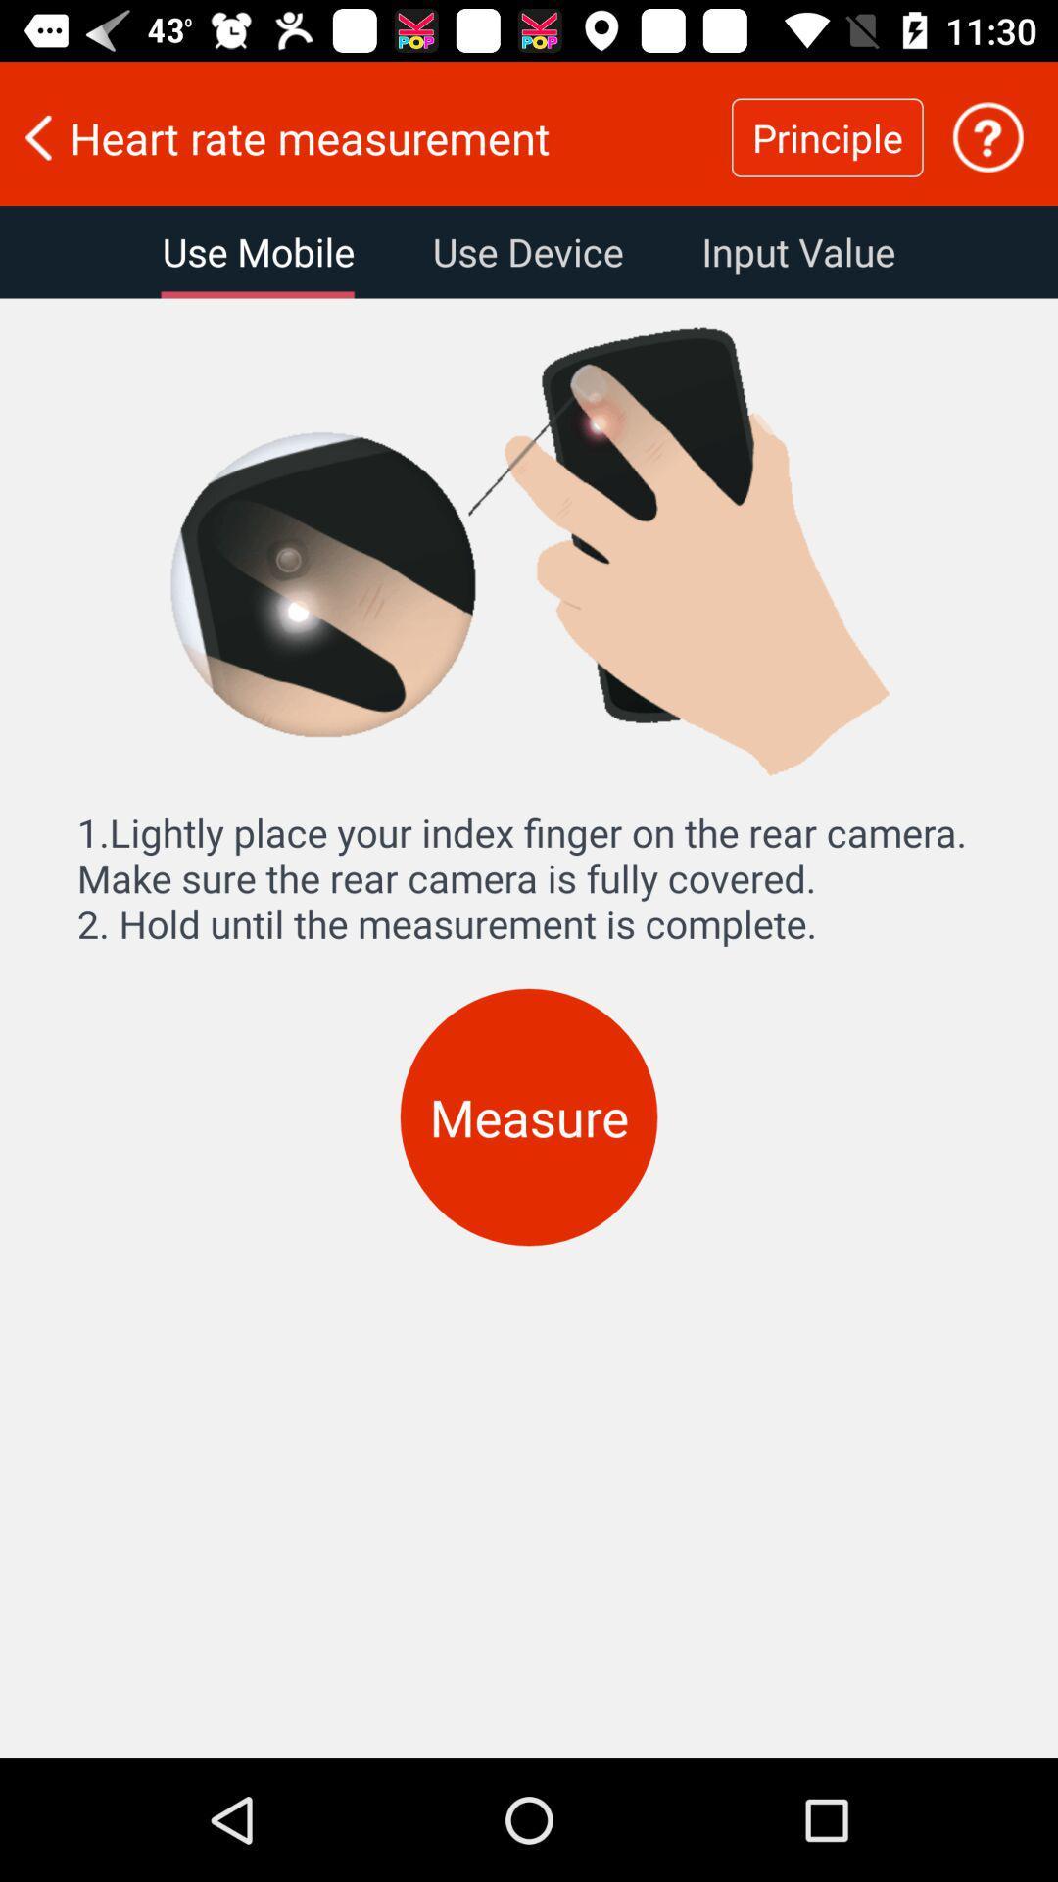  What do you see at coordinates (365, 136) in the screenshot?
I see `the heart rate measurement item` at bounding box center [365, 136].